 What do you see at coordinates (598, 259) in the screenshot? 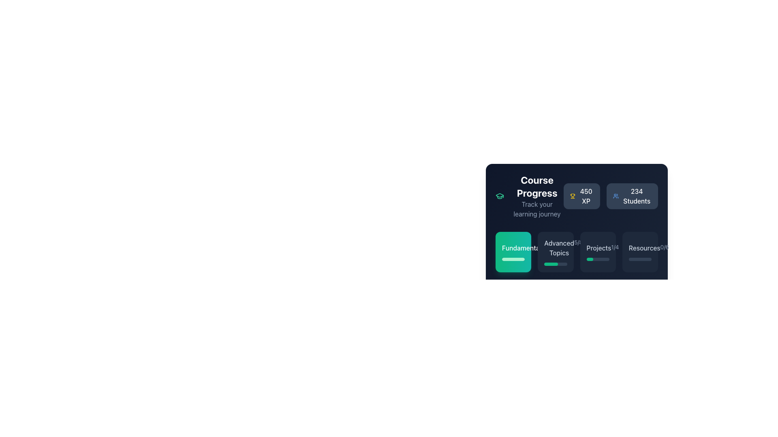
I see `progress bar located within the 'Projects' card under the 'Course Progress' header to check the progress percentage` at bounding box center [598, 259].